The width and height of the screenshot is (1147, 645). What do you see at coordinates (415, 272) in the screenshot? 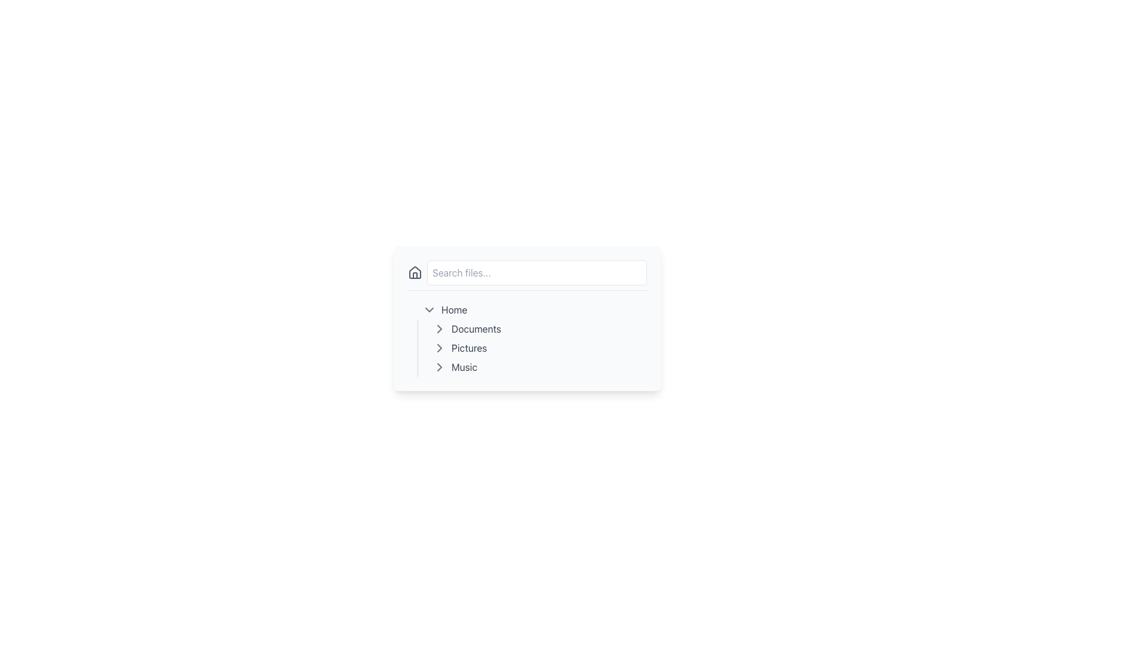
I see `the house icon element representing 'Home' functionality` at bounding box center [415, 272].